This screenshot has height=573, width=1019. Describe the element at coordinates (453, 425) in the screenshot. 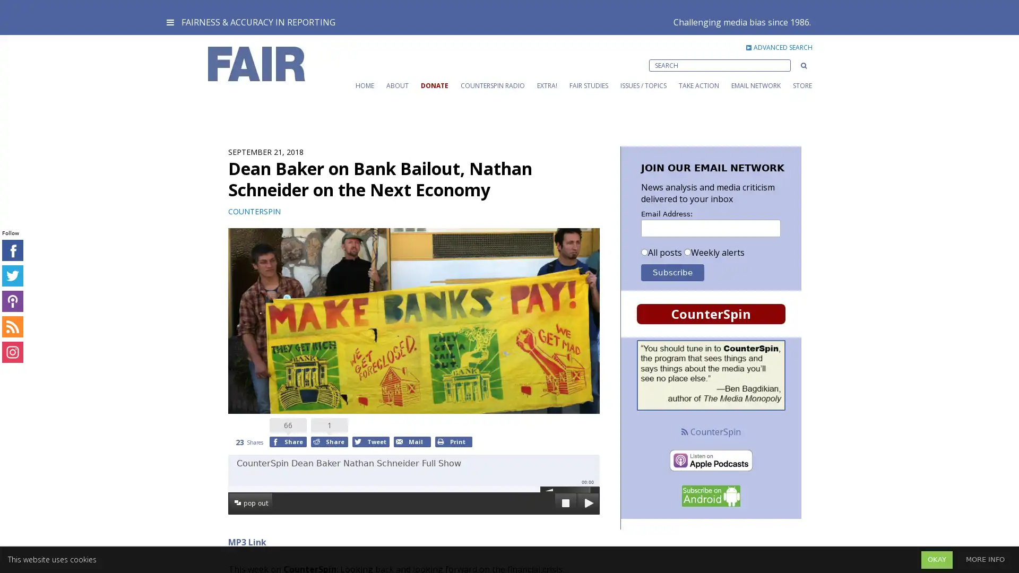

I see `Print to Print` at that location.